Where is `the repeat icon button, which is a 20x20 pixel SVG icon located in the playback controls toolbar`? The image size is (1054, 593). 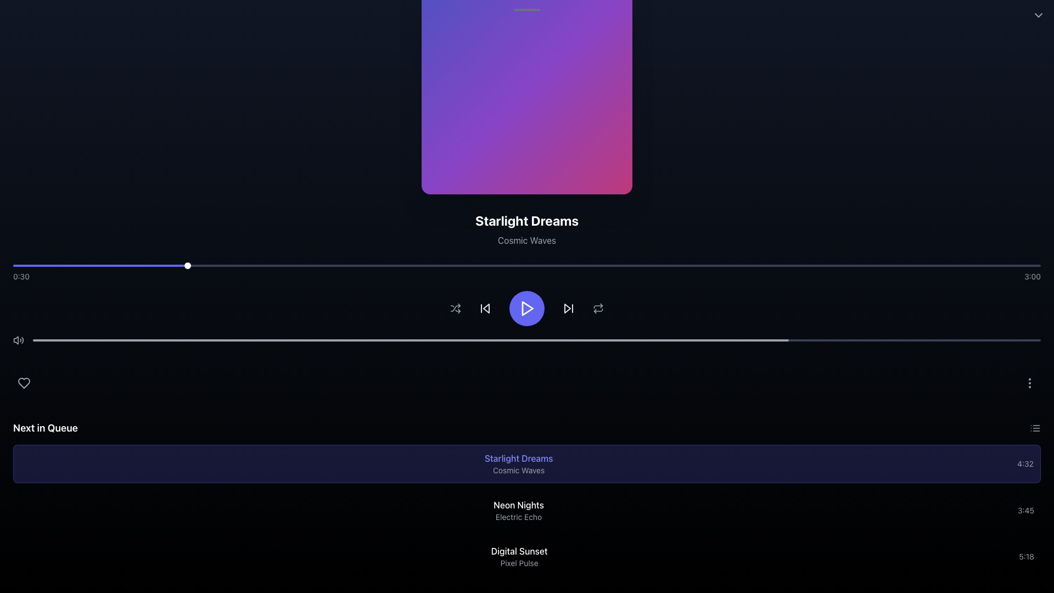 the repeat icon button, which is a 20x20 pixel SVG icon located in the playback controls toolbar is located at coordinates (597, 309).